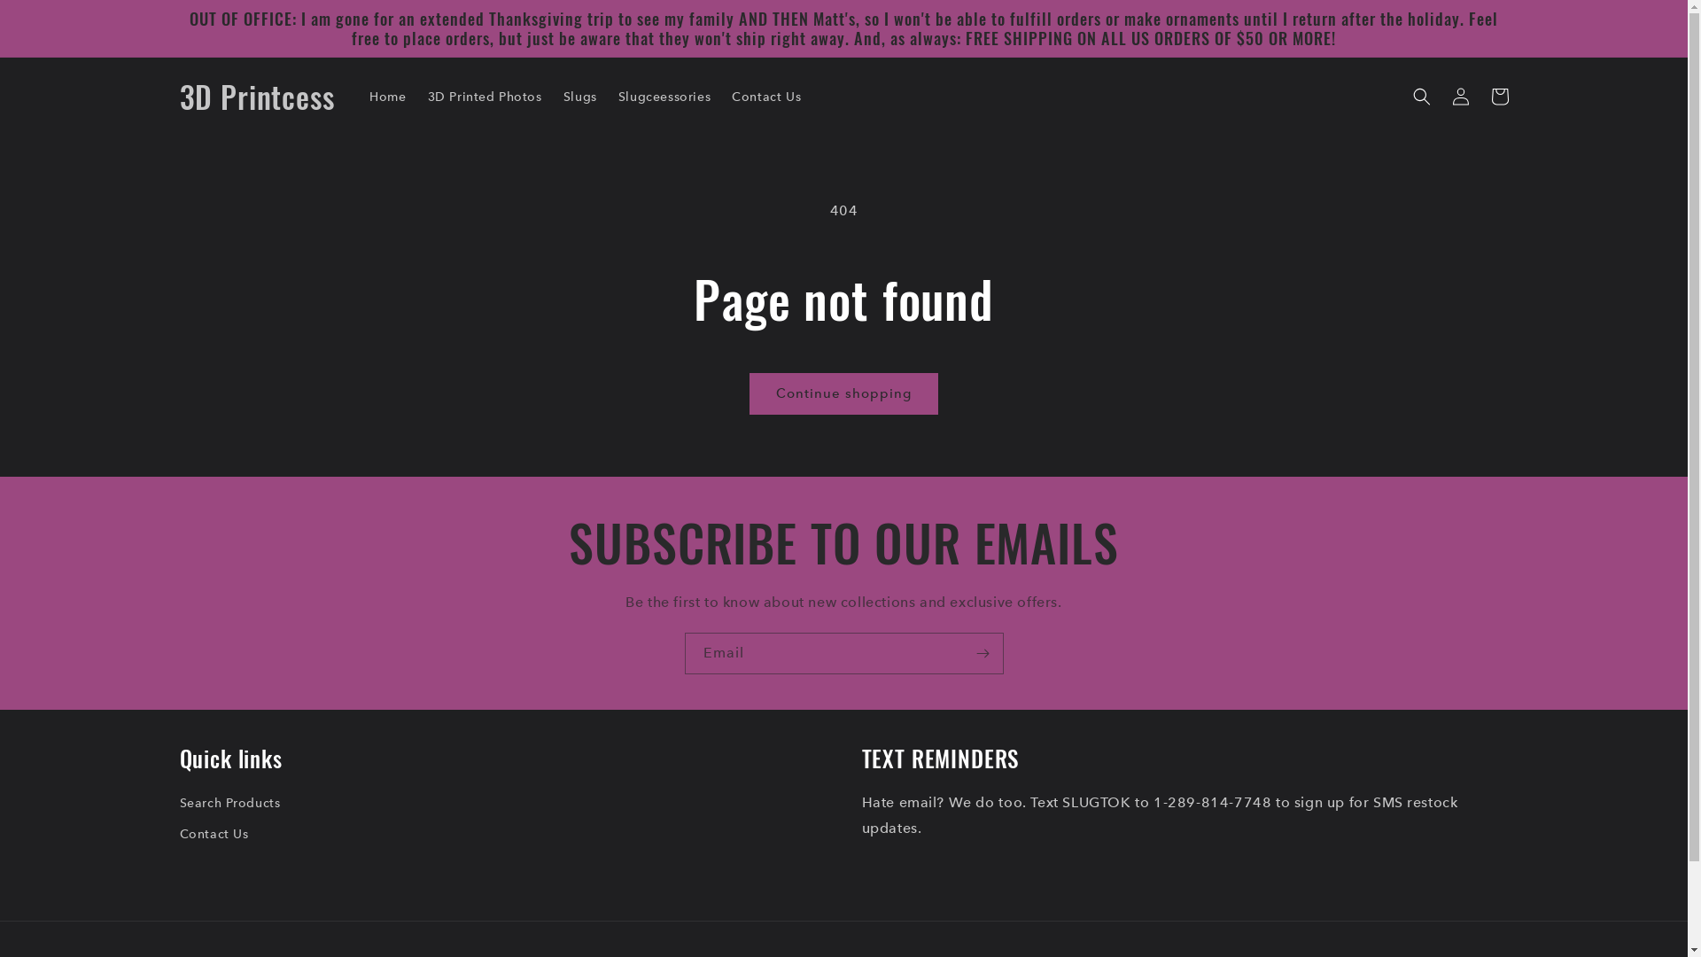 The image size is (1701, 957). What do you see at coordinates (484, 96) in the screenshot?
I see `'3D Printed Photos'` at bounding box center [484, 96].